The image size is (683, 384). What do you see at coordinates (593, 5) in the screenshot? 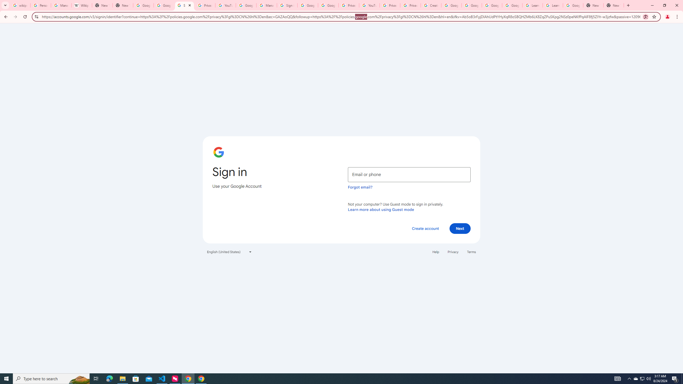
I see `'New Tab'` at bounding box center [593, 5].